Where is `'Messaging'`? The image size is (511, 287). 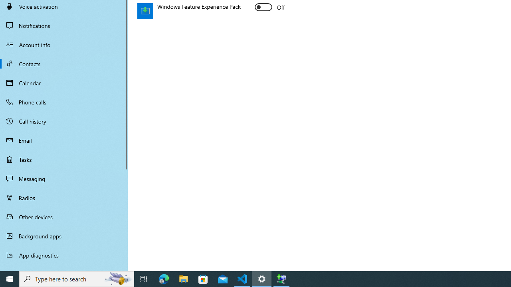
'Messaging' is located at coordinates (64, 178).